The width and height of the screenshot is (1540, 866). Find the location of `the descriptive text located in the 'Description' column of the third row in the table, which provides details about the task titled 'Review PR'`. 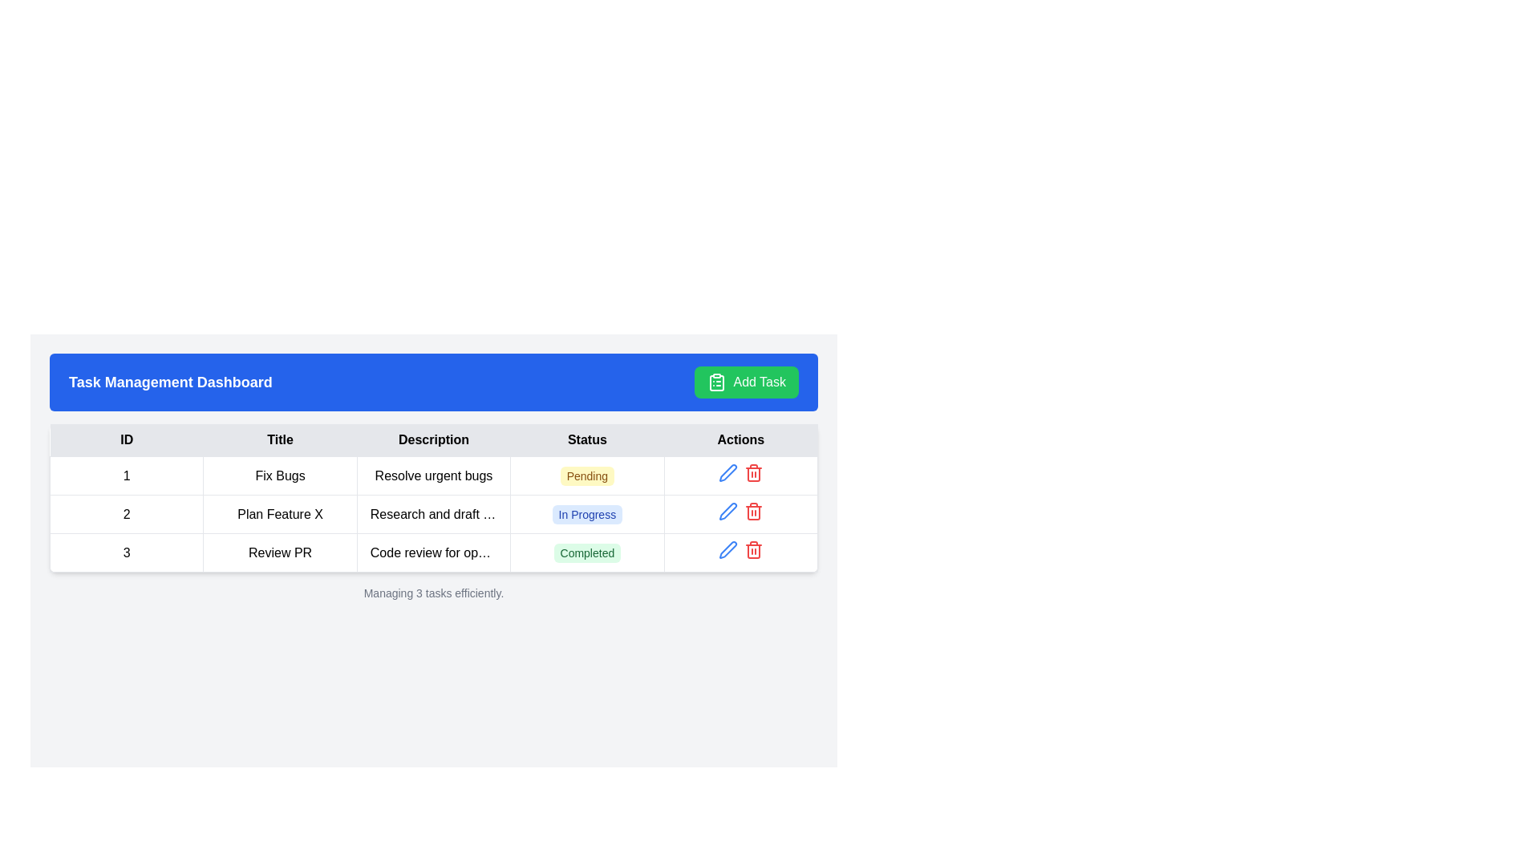

the descriptive text located in the 'Description' column of the third row in the table, which provides details about the task titled 'Review PR' is located at coordinates (434, 552).